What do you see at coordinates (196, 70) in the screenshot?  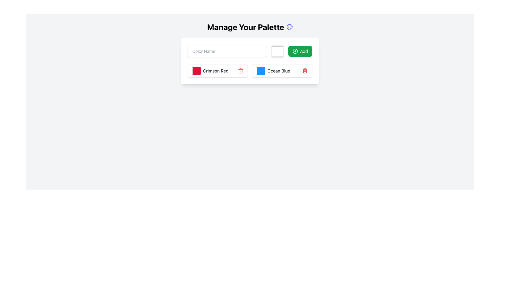 I see `the color swatch displaying a solid Crimson Red color` at bounding box center [196, 70].